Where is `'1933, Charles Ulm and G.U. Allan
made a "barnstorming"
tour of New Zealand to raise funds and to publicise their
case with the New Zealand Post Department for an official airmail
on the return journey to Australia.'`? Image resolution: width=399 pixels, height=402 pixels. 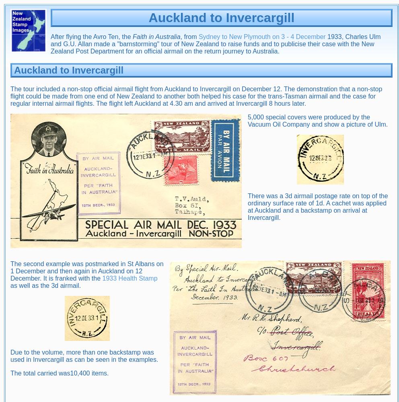
'1933, Charles Ulm and G.U. Allan
made a "barnstorming"
tour of New Zealand to raise funds and to publicise their
case with the New Zealand Post Department for an official airmail
on the return journey to Australia.' is located at coordinates (50, 43).